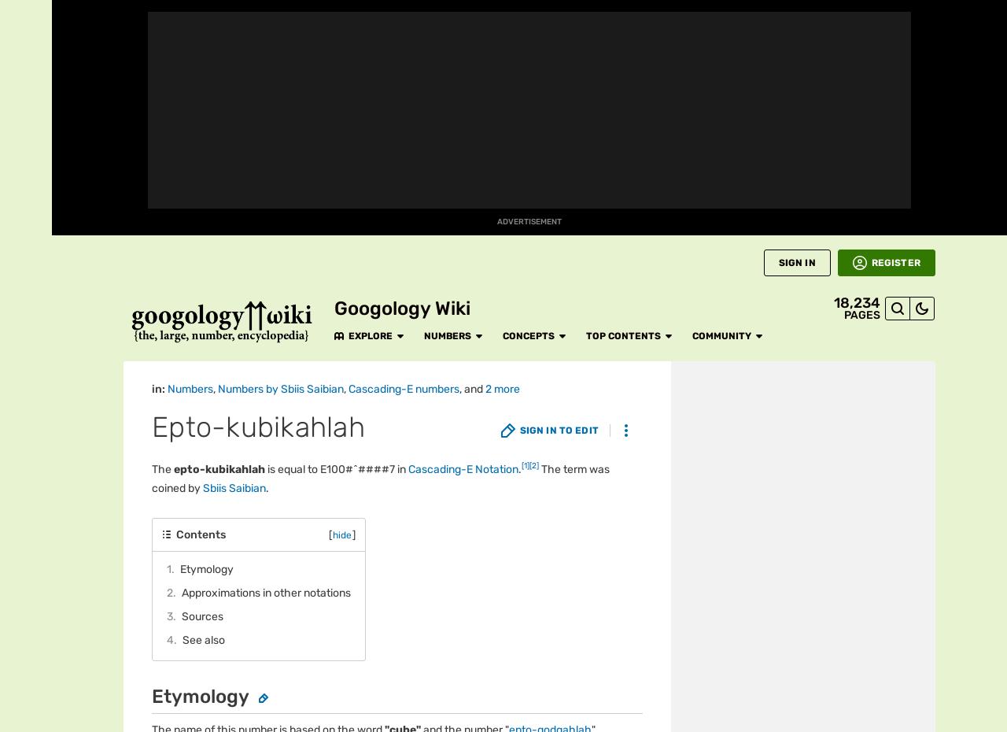  I want to click on 'Explore', so click(258, 17).